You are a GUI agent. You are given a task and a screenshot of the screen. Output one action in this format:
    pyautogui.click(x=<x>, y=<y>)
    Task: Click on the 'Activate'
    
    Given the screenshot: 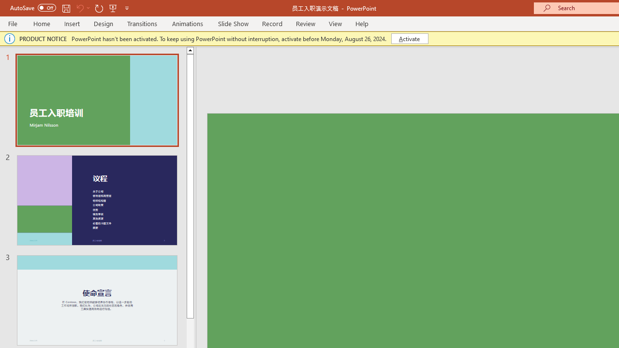 What is the action you would take?
    pyautogui.click(x=410, y=38)
    